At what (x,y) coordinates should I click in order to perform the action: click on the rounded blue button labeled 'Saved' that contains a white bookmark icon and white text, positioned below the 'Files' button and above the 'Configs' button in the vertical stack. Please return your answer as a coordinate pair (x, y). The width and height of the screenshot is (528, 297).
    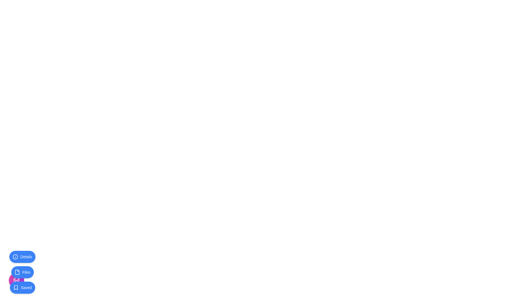
    Looking at the image, I should click on (22, 287).